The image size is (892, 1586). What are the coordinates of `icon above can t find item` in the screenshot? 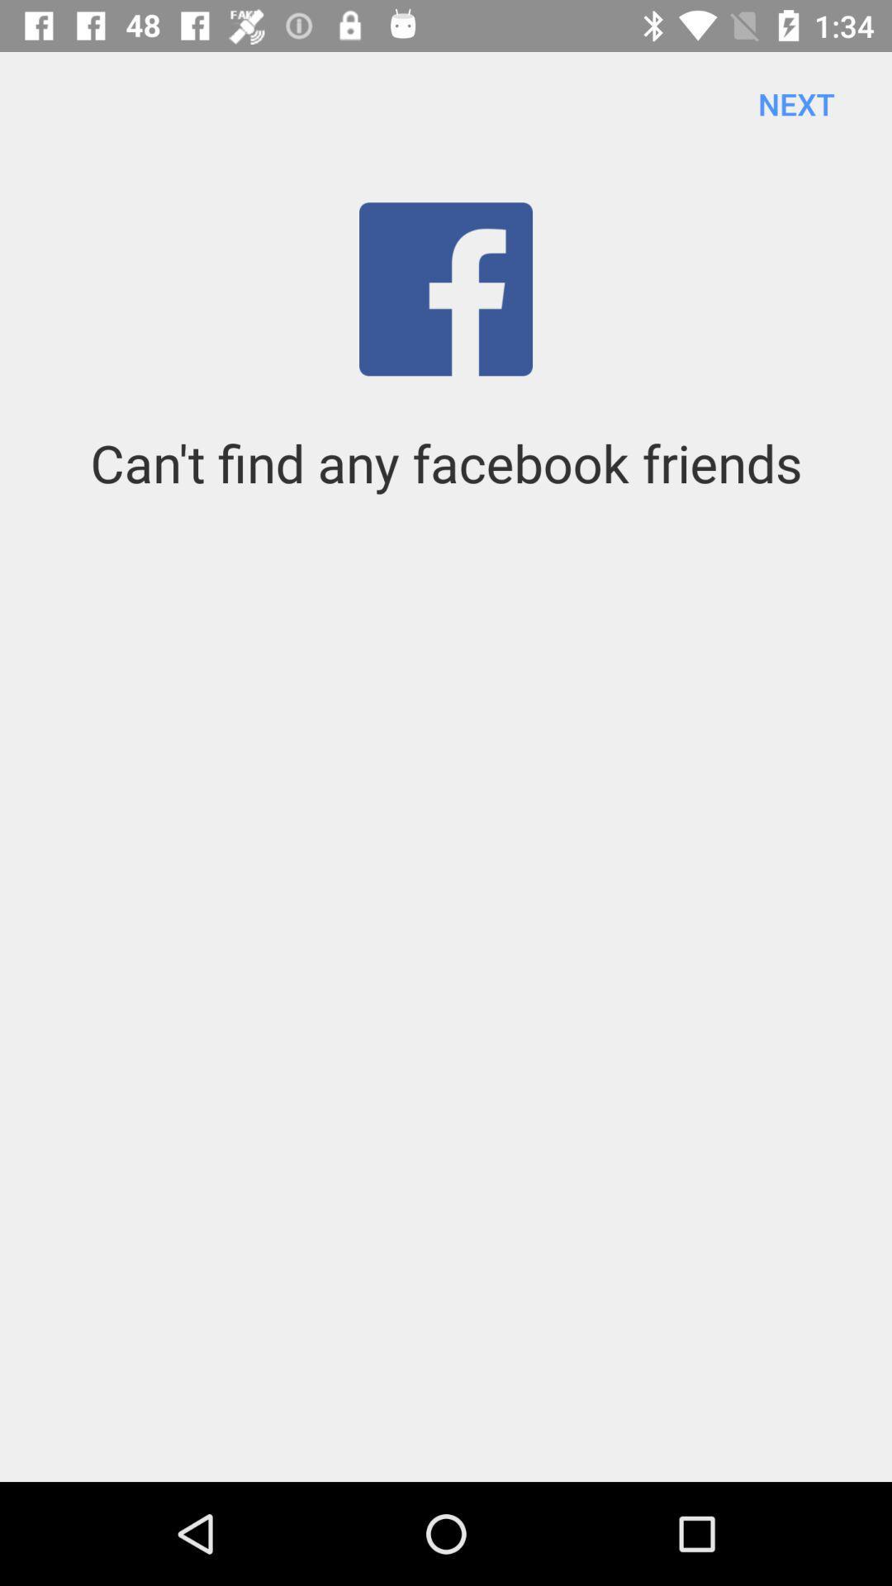 It's located at (795, 102).